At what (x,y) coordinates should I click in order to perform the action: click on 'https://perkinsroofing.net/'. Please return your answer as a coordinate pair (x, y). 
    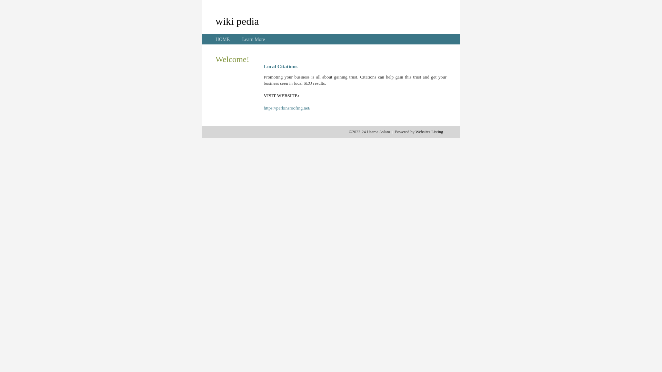
    Looking at the image, I should click on (287, 108).